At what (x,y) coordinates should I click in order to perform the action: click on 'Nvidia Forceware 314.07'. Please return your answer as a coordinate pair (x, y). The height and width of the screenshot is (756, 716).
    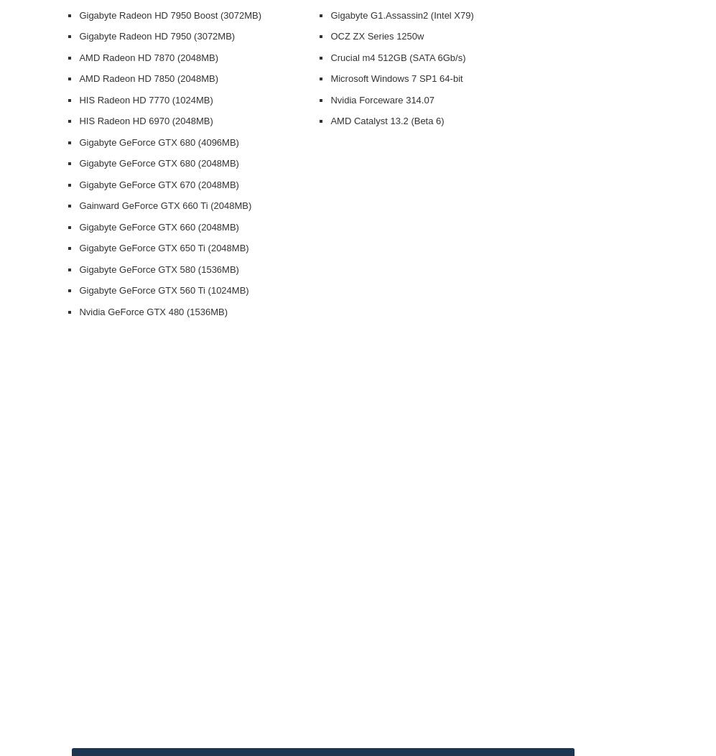
    Looking at the image, I should click on (381, 99).